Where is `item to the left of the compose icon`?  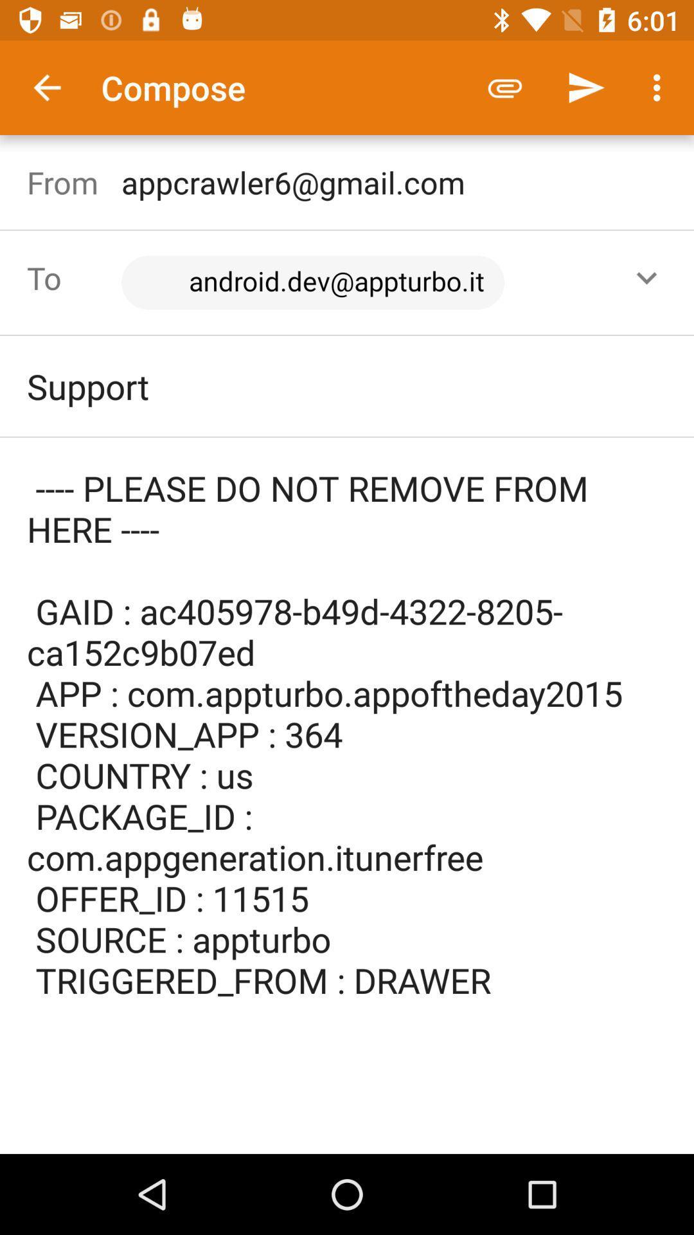
item to the left of the compose icon is located at coordinates (46, 87).